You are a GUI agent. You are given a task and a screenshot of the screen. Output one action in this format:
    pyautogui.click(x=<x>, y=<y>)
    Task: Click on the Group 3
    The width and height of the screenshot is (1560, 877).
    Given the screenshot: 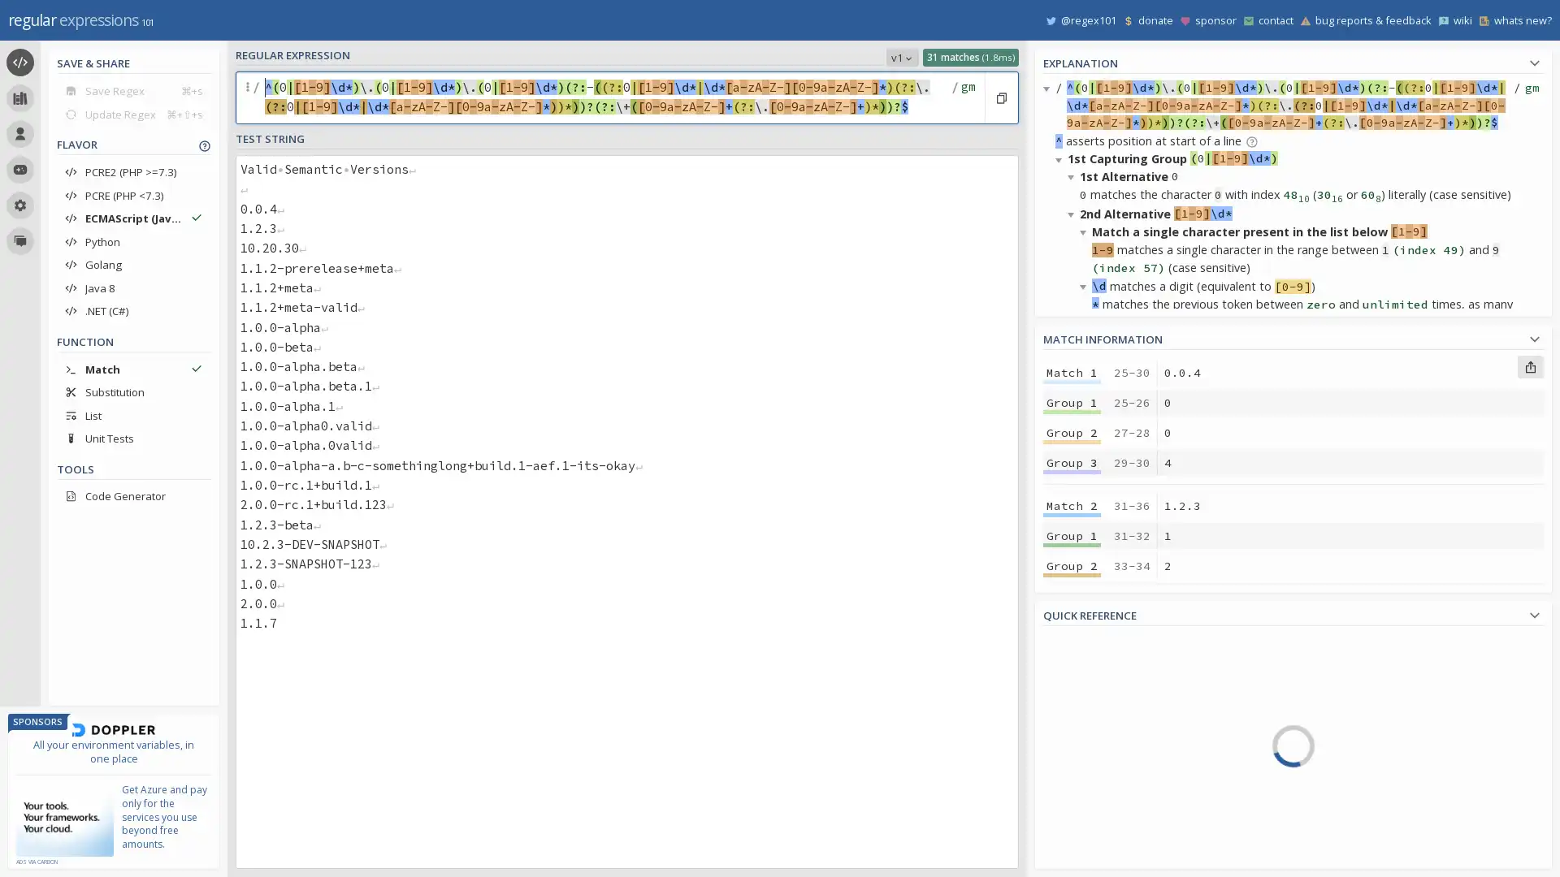 What is the action you would take?
    pyautogui.click(x=1072, y=728)
    